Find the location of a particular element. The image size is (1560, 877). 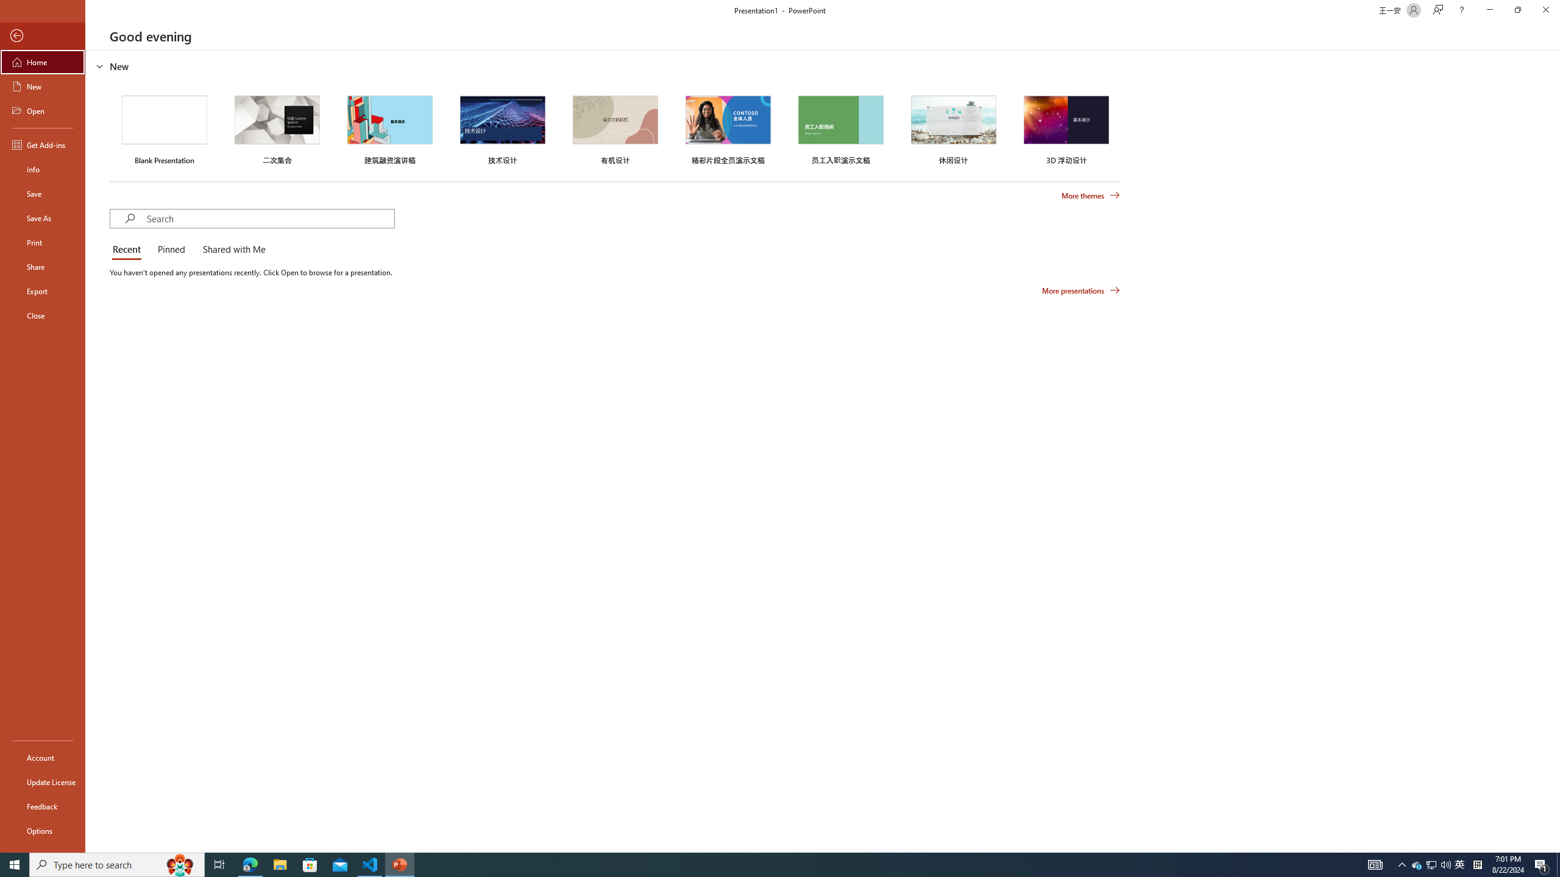

'Search' is located at coordinates (271, 217).